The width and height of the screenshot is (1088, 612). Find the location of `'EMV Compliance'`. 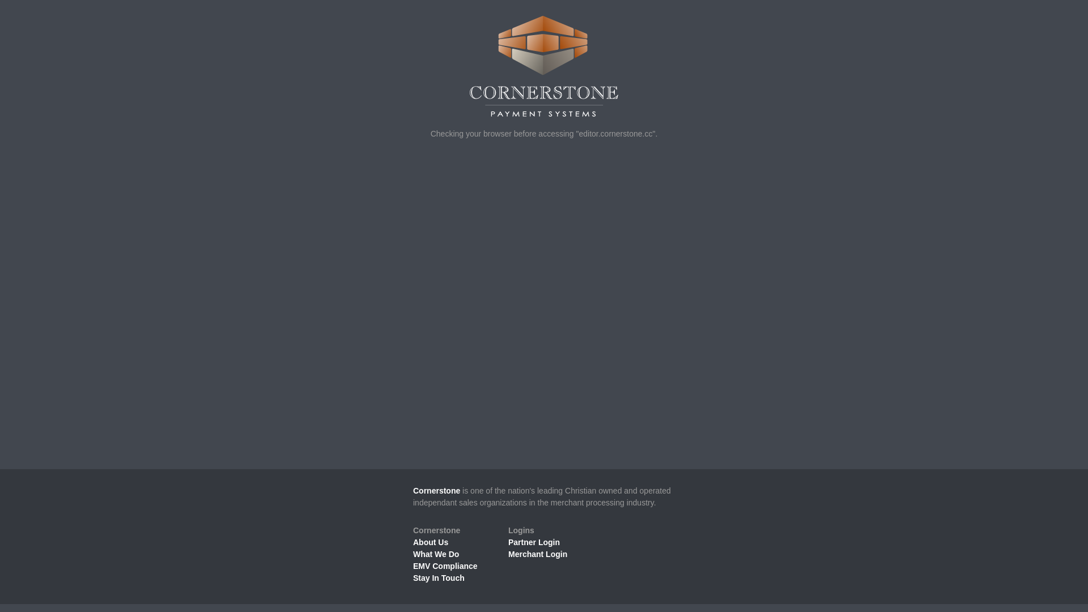

'EMV Compliance' is located at coordinates (445, 566).